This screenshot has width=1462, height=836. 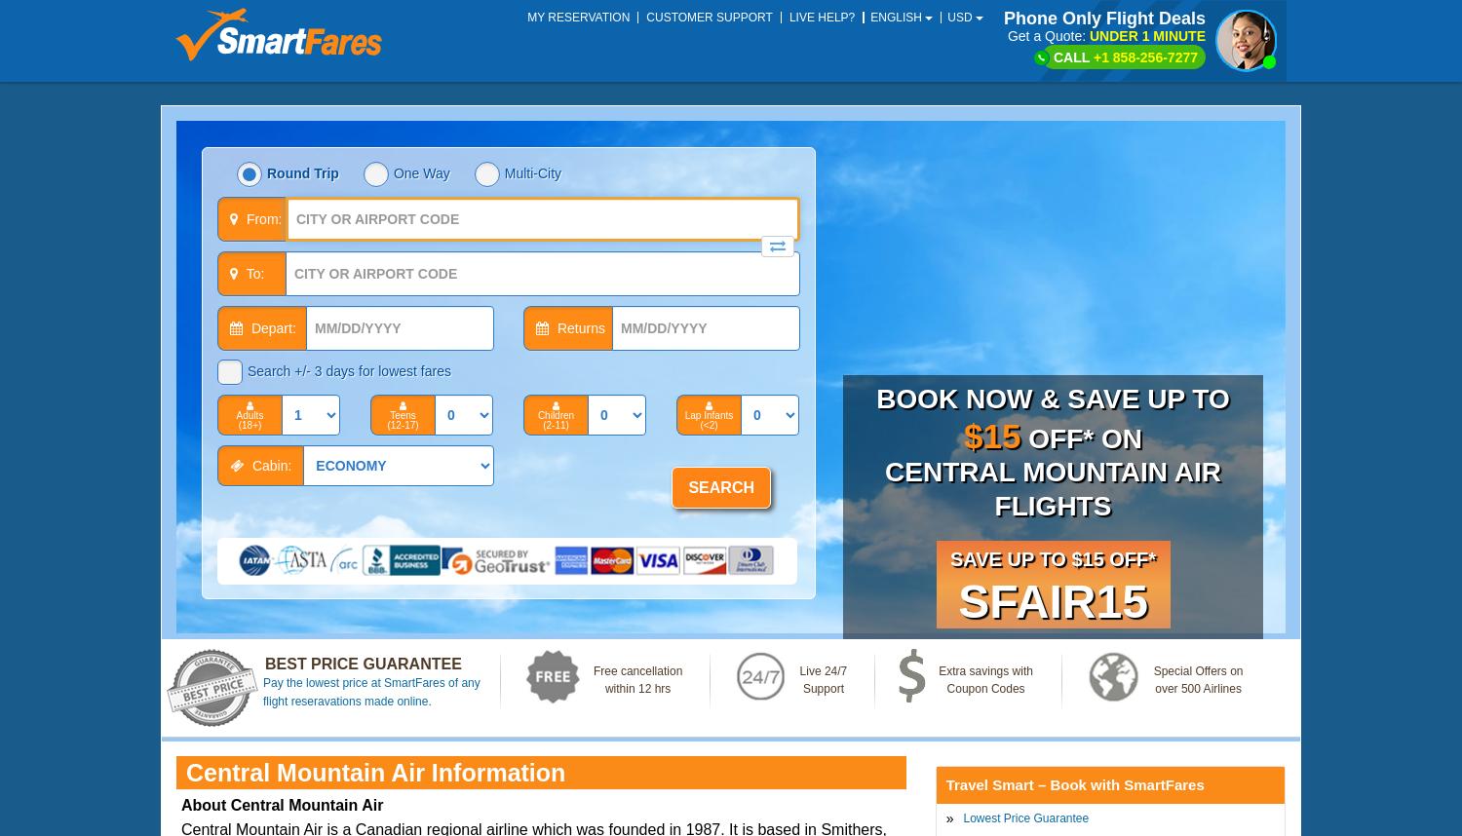 I want to click on 'About Central Mountain Air', so click(x=282, y=804).